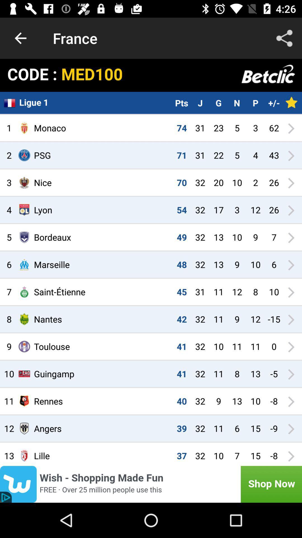 This screenshot has height=538, width=302. Describe the element at coordinates (151, 484) in the screenshot. I see `click discriiption` at that location.